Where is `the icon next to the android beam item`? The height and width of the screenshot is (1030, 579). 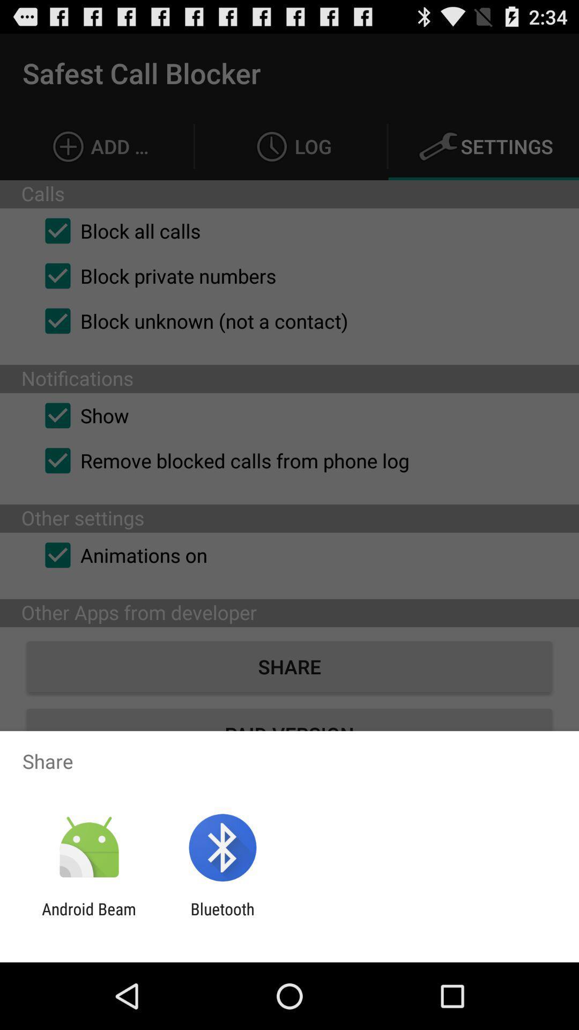 the icon next to the android beam item is located at coordinates (222, 918).